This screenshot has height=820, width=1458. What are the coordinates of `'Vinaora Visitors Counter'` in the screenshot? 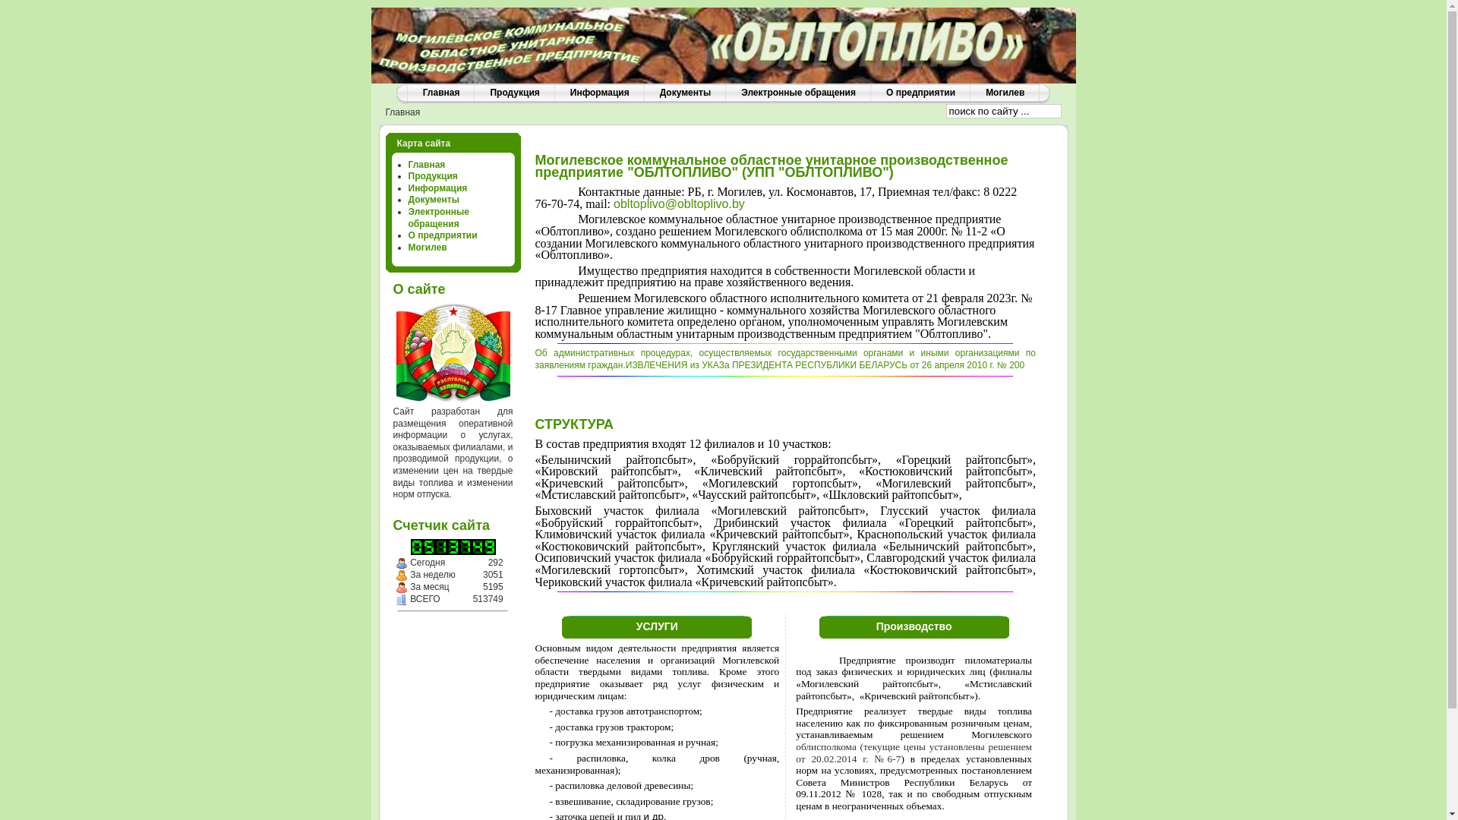 It's located at (463, 547).